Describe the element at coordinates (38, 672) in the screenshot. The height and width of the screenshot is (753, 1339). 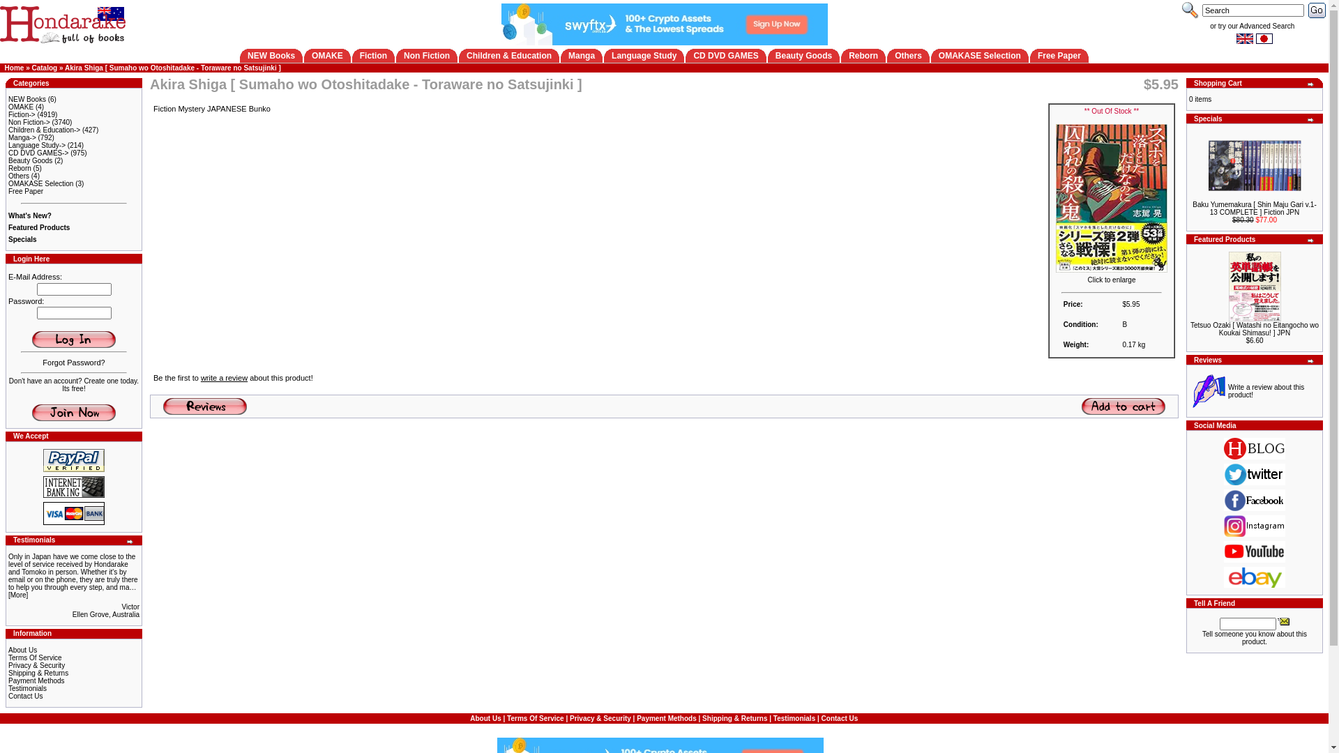
I see `'Shipping & Returns'` at that location.